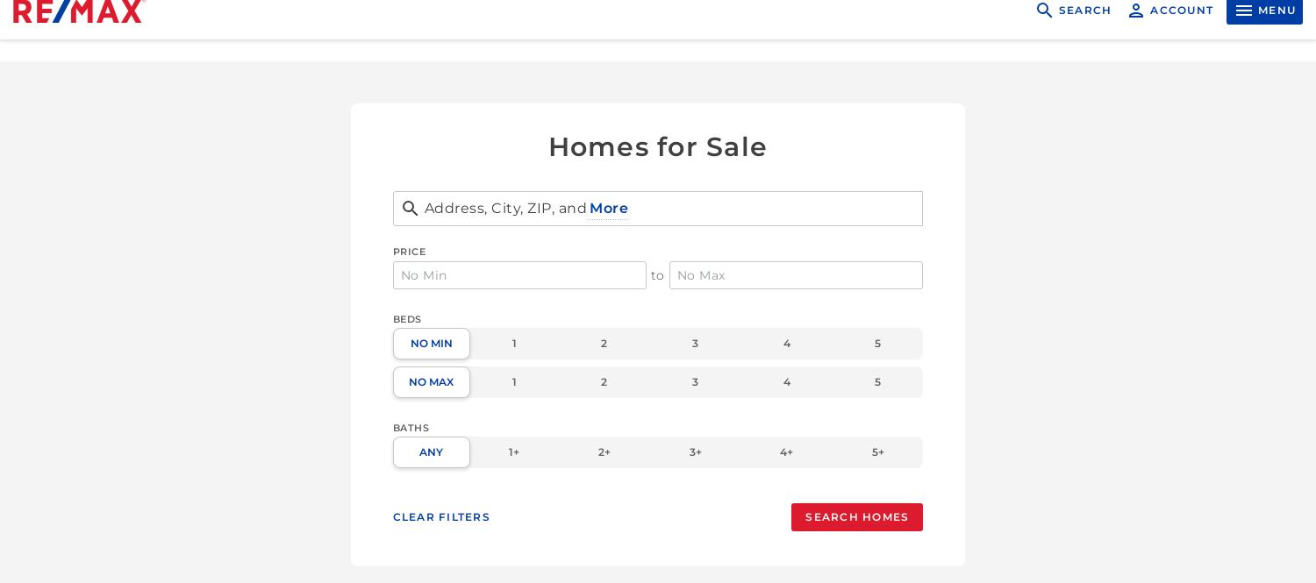 The width and height of the screenshot is (1316, 583). What do you see at coordinates (855, 516) in the screenshot?
I see `'Search Homes'` at bounding box center [855, 516].